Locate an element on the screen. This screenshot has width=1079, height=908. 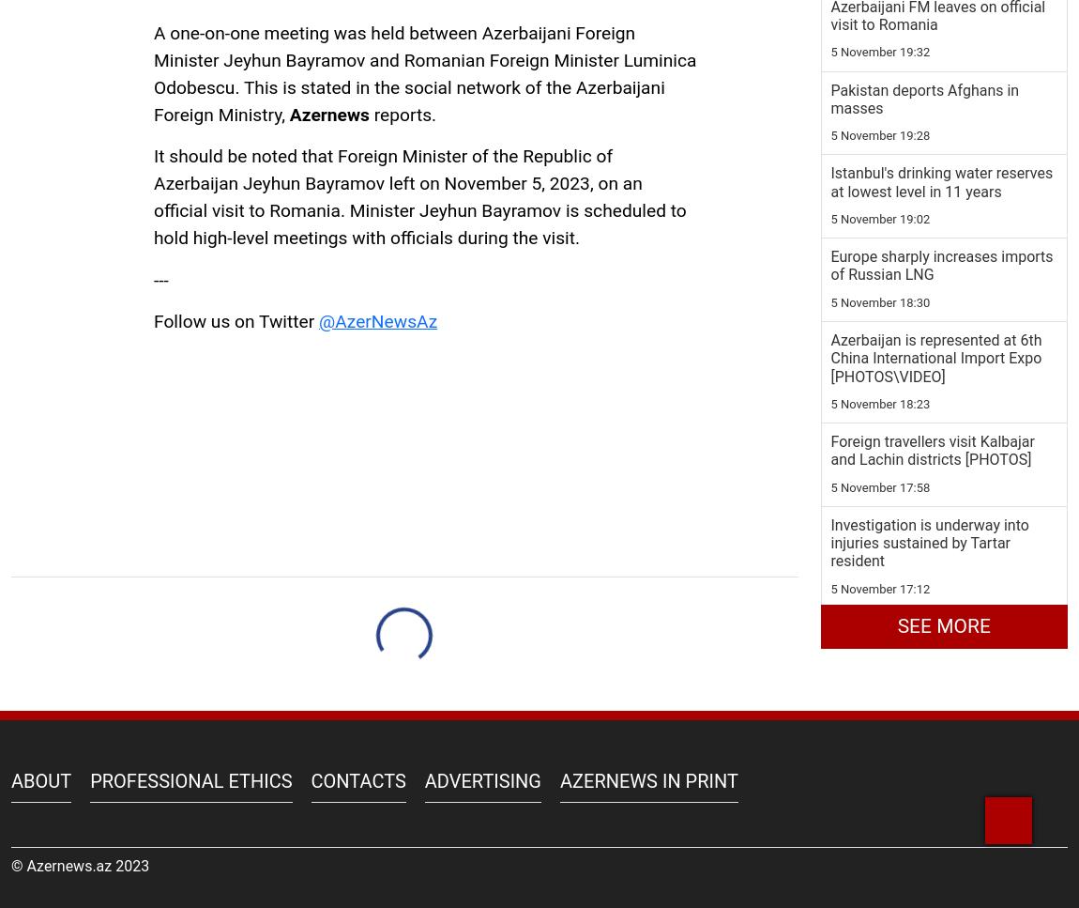
'5 November 08:00' is located at coordinates (880, 718).